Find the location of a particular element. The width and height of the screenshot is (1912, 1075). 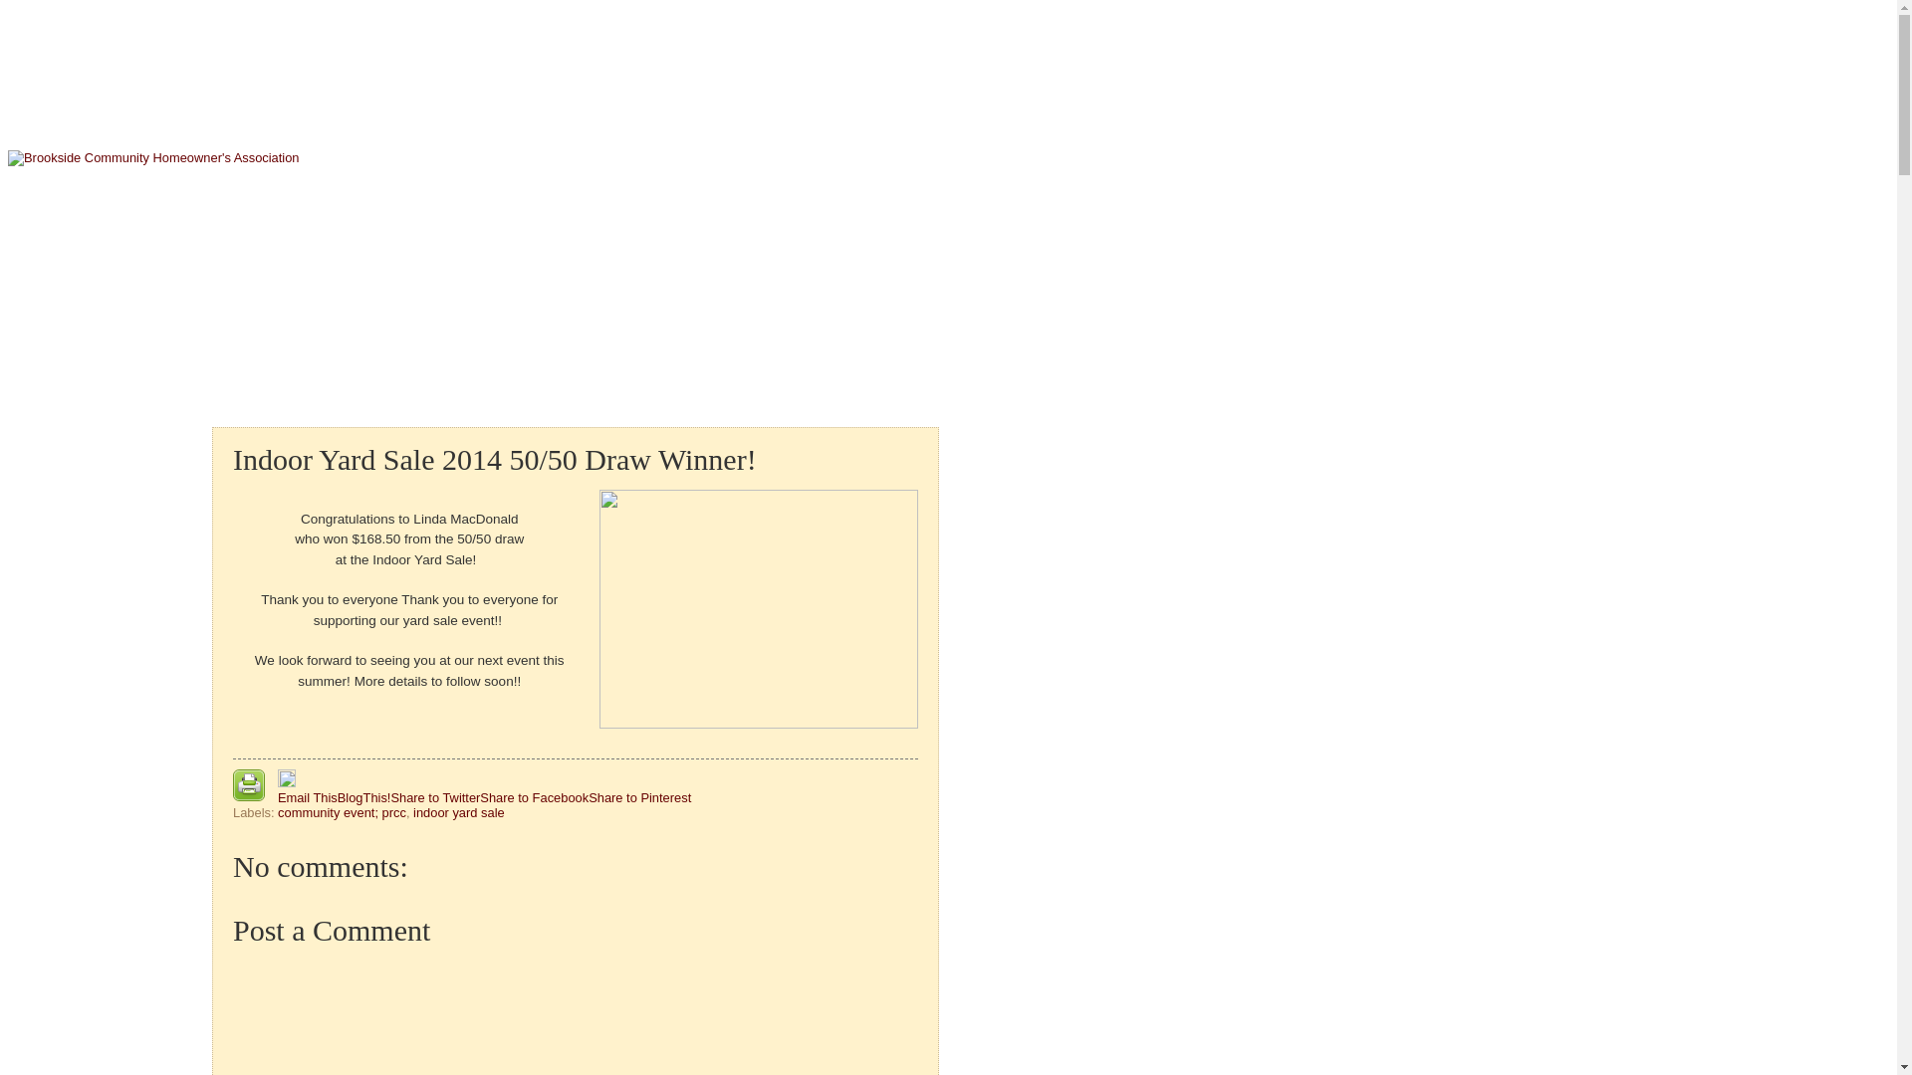

'community event; prcc' is located at coordinates (276, 812).